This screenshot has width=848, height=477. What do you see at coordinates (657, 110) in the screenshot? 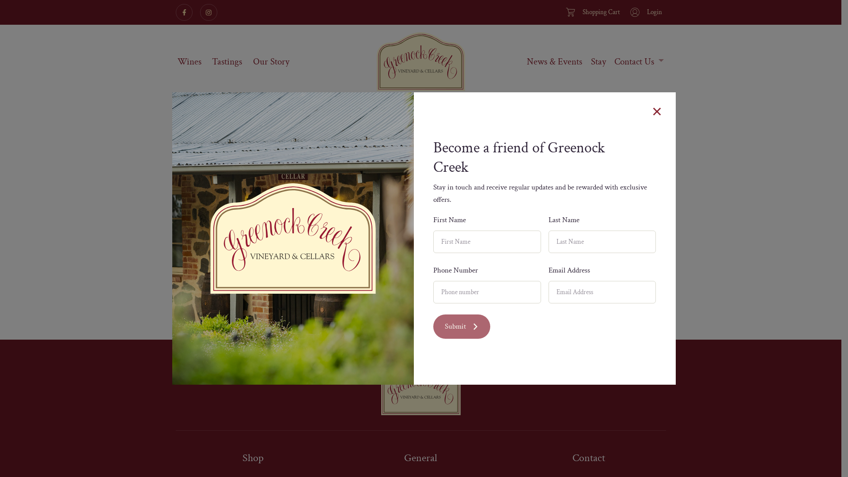
I see `'Close This Window'` at bounding box center [657, 110].